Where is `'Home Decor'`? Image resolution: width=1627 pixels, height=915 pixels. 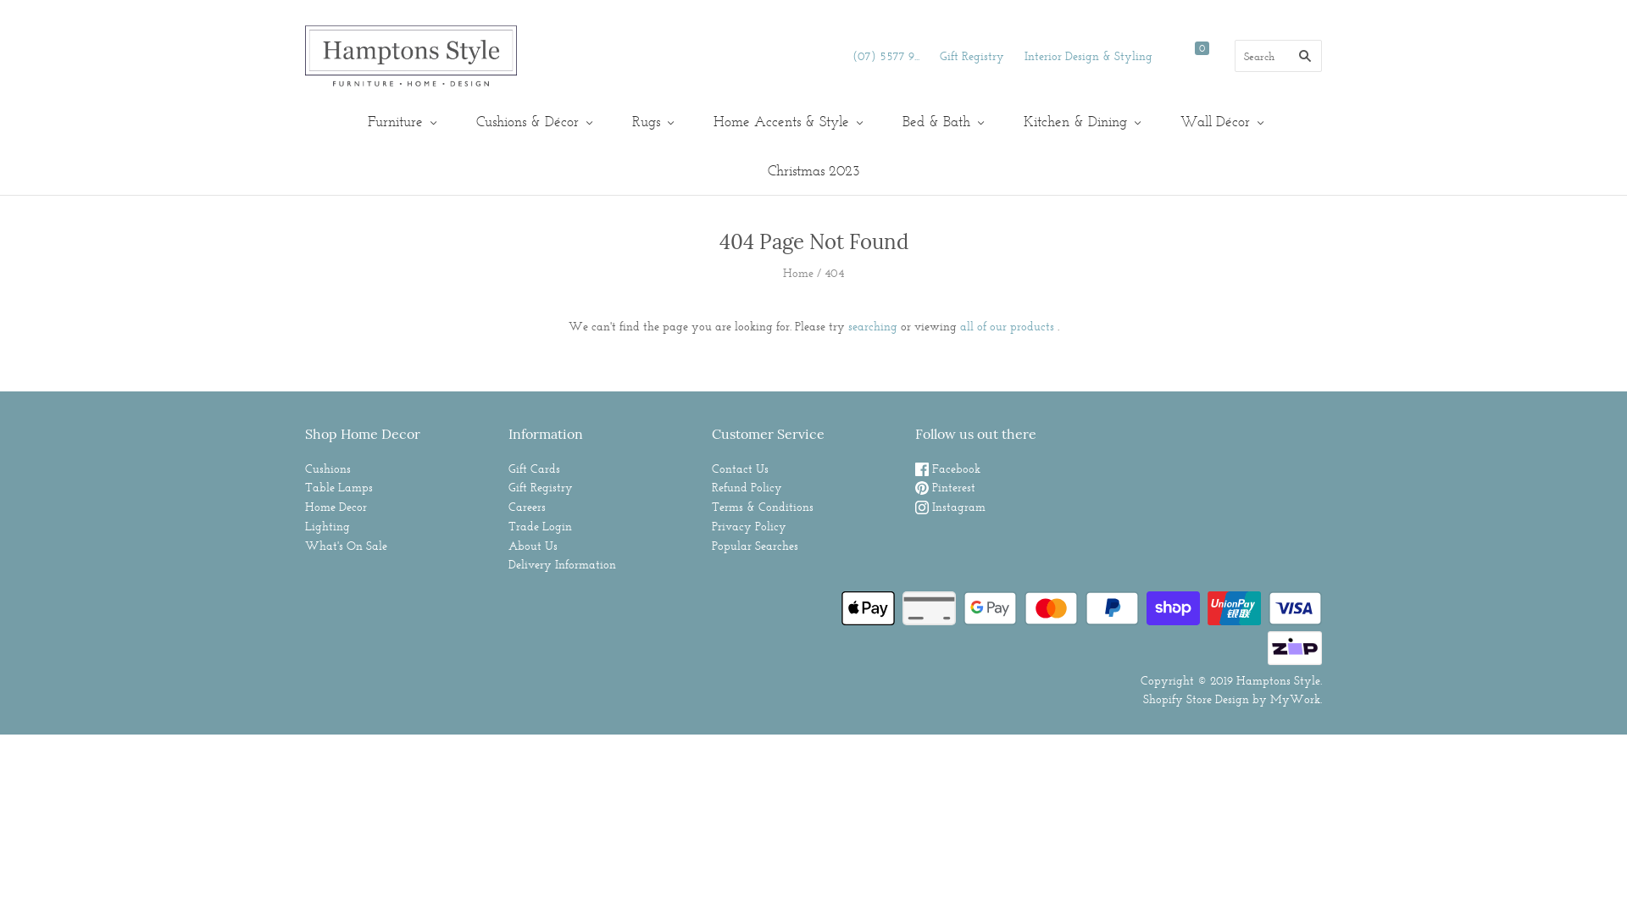
'Home Decor' is located at coordinates (336, 505).